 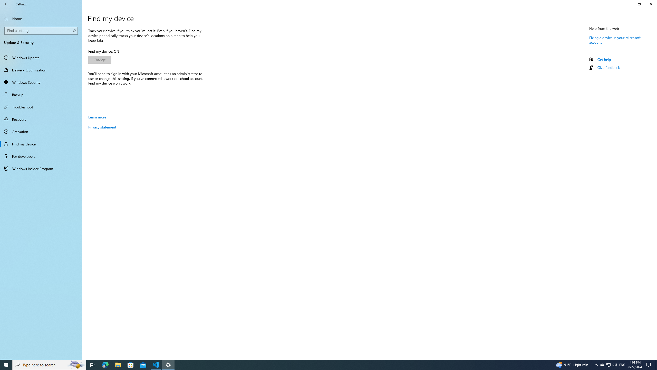 I want to click on 'Activation', so click(x=41, y=131).